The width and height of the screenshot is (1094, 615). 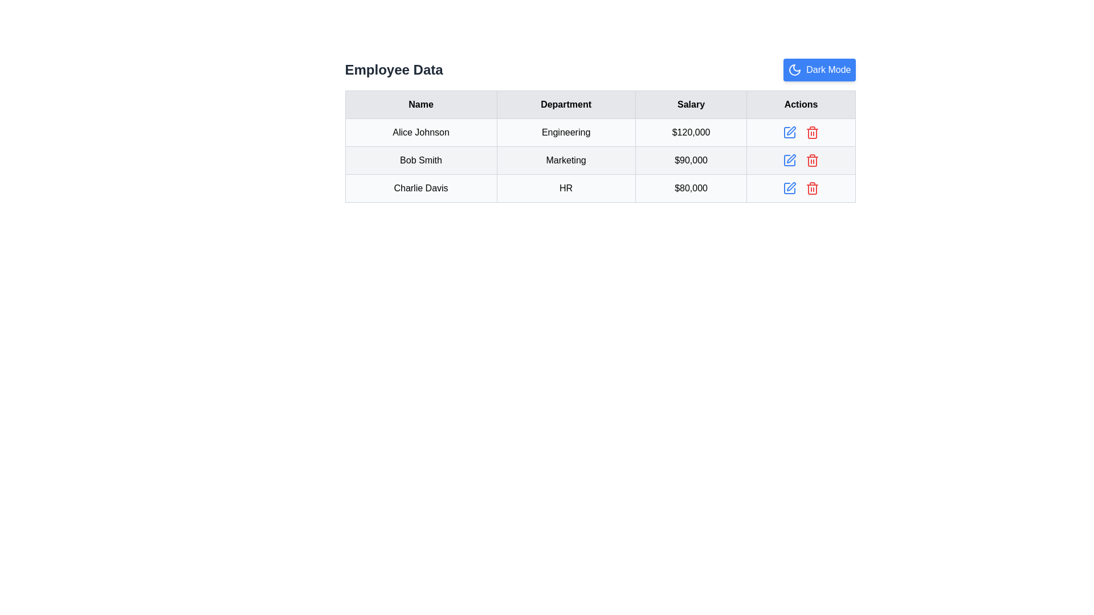 What do you see at coordinates (421, 132) in the screenshot?
I see `the static text field displaying a person's name, which is the first cell in the 'Name' column of the 'Employee Data' table, adjacent to 'Engineering' and '$120,000'` at bounding box center [421, 132].